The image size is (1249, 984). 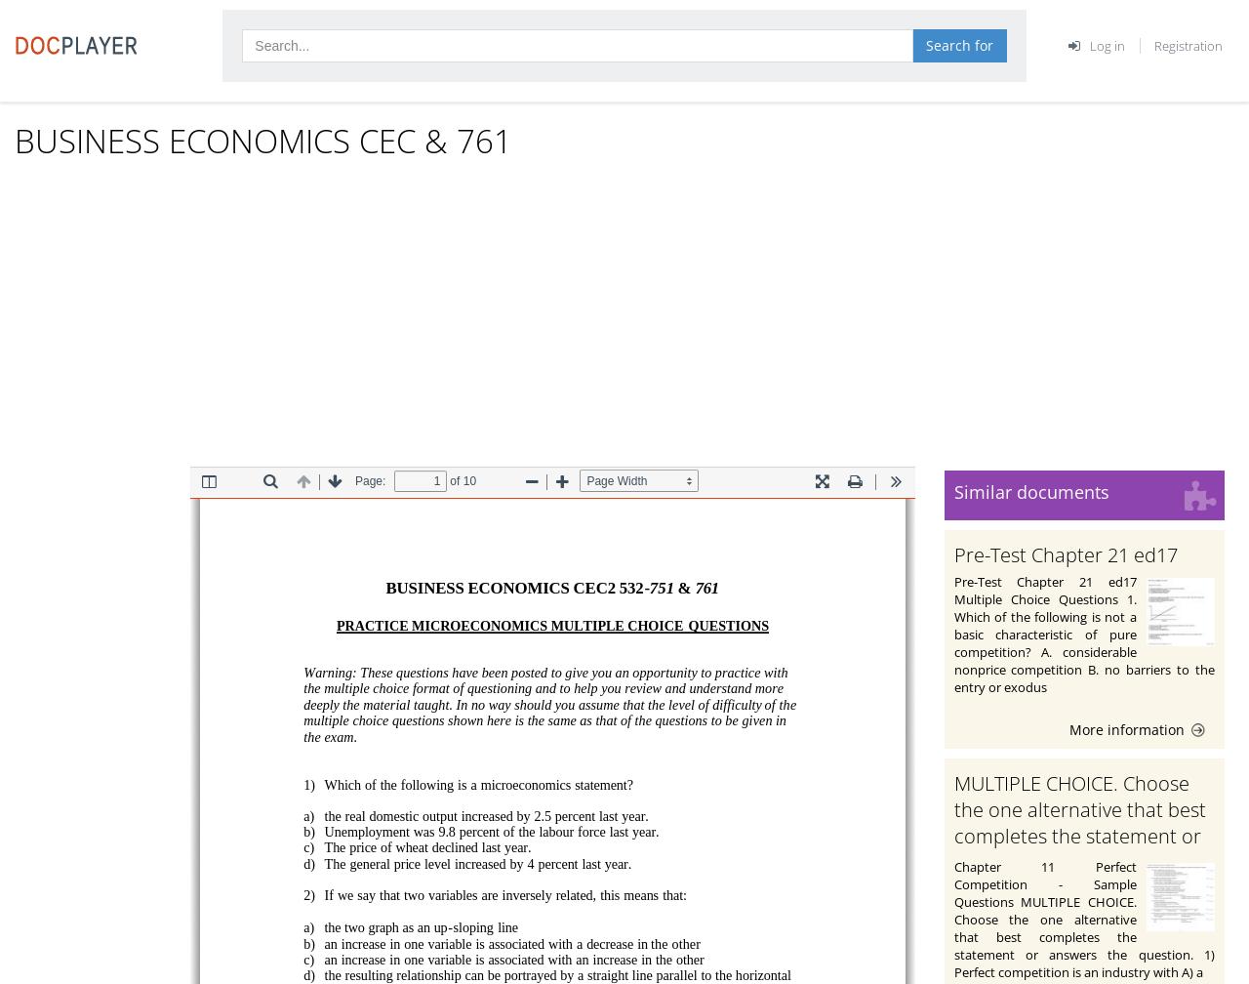 What do you see at coordinates (958, 45) in the screenshot?
I see `'Search for'` at bounding box center [958, 45].